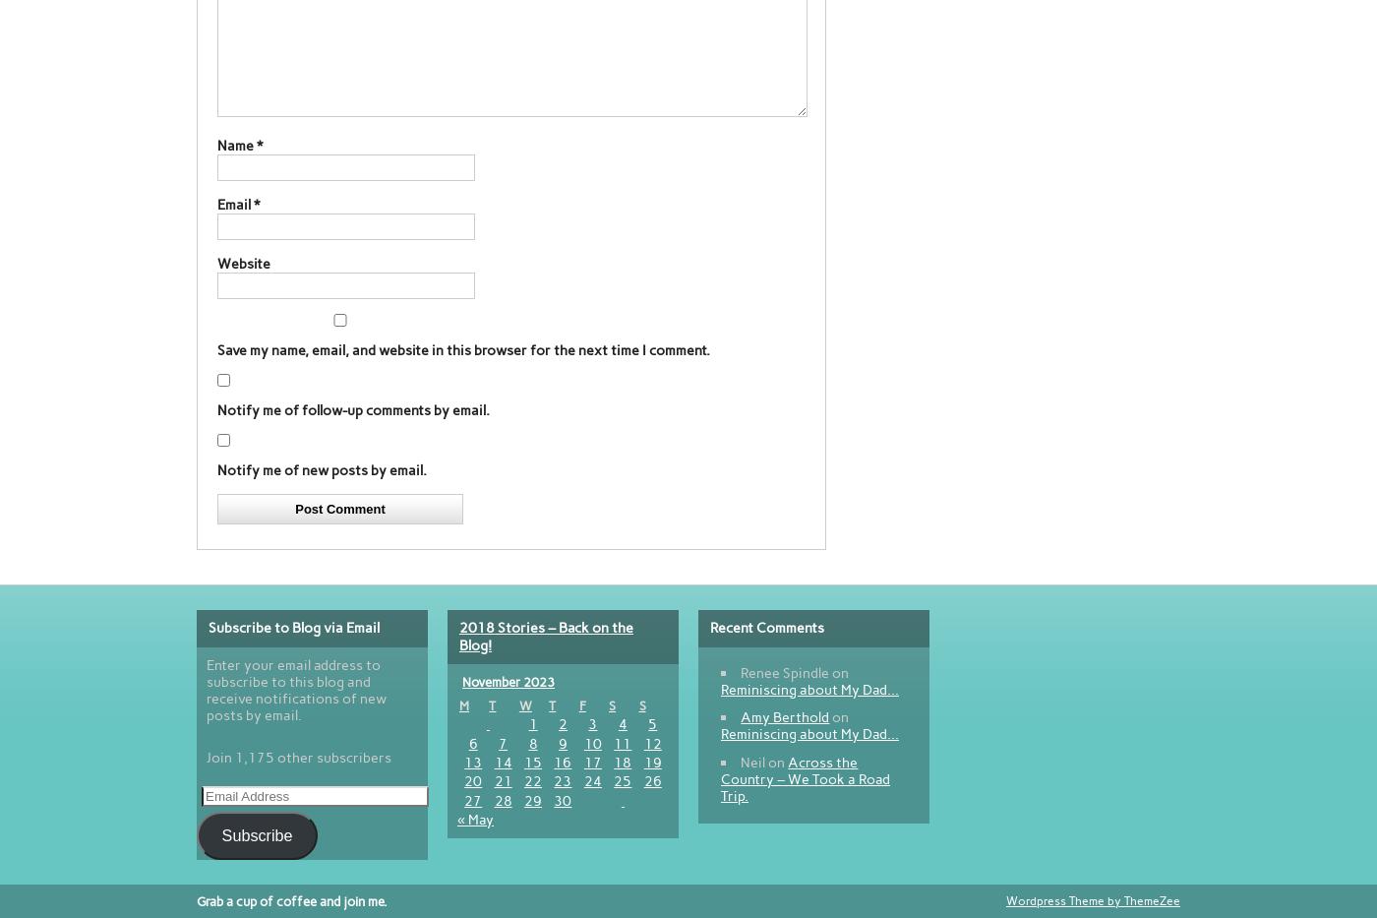 The width and height of the screenshot is (1377, 918). Describe the element at coordinates (461, 681) in the screenshot. I see `'November 2023'` at that location.